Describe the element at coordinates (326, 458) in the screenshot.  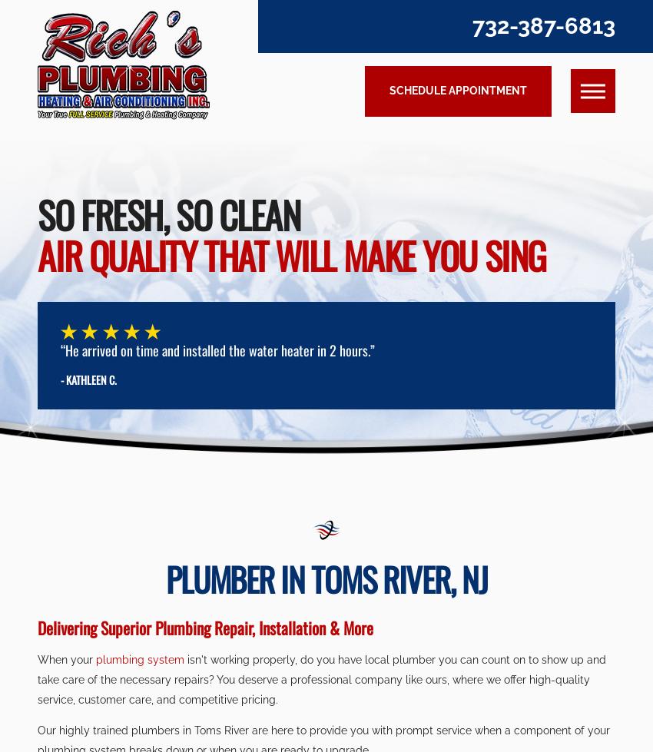
I see `'Submit Form'` at that location.